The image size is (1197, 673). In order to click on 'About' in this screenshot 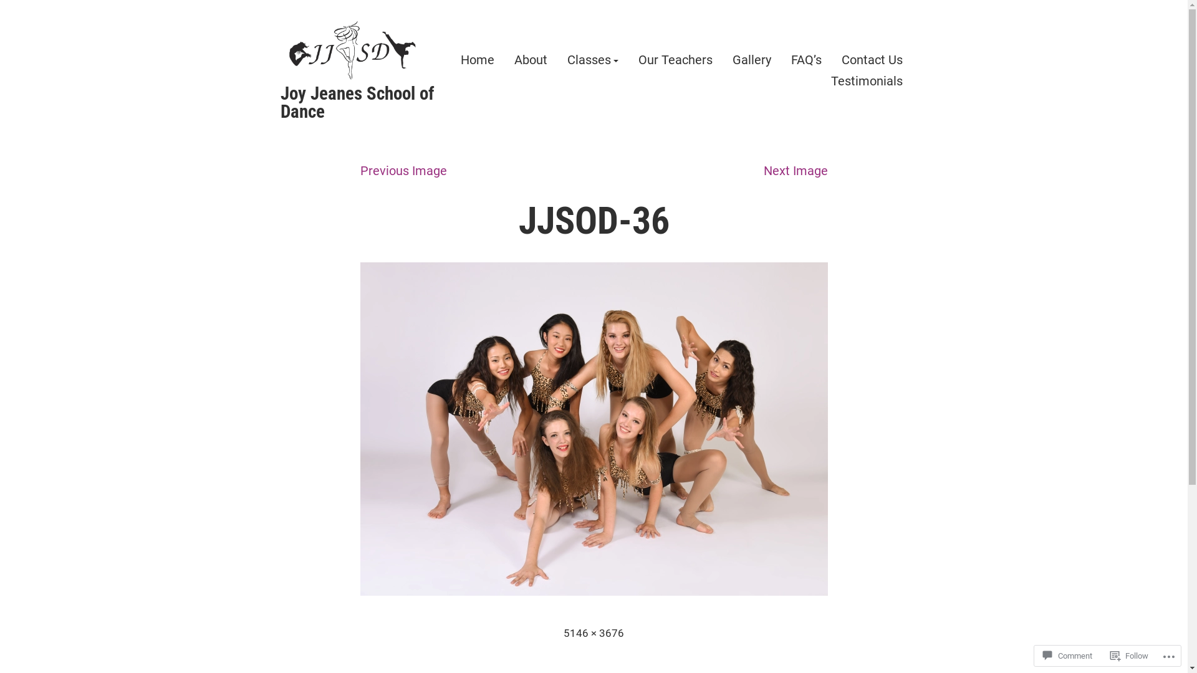, I will do `click(530, 60)`.